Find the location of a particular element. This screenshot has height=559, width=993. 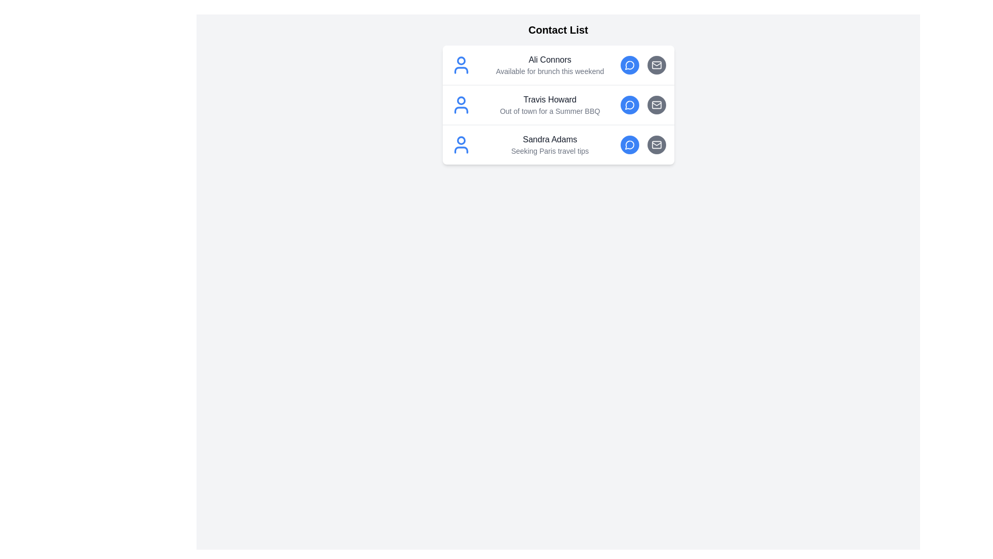

the static text element displaying 'Ali Connors', which is a dark gray piece of text located at the top of the contact list card, above the subtitle 'Available for brunch this weekend' is located at coordinates (549, 60).